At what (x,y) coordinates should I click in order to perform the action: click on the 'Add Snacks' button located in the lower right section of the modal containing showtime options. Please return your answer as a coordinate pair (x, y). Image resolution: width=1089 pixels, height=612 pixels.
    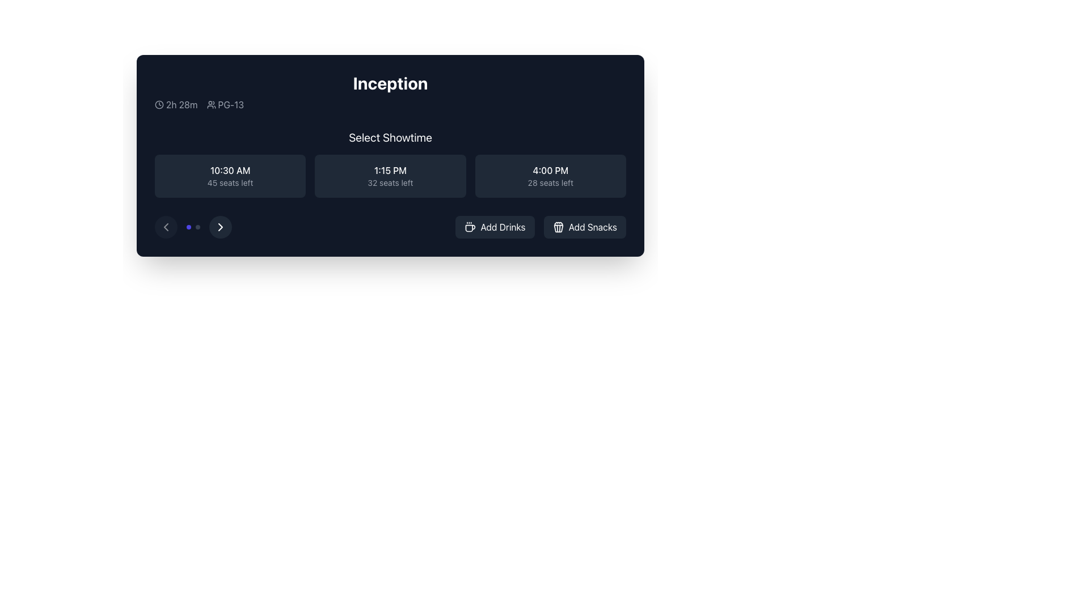
    Looking at the image, I should click on (592, 227).